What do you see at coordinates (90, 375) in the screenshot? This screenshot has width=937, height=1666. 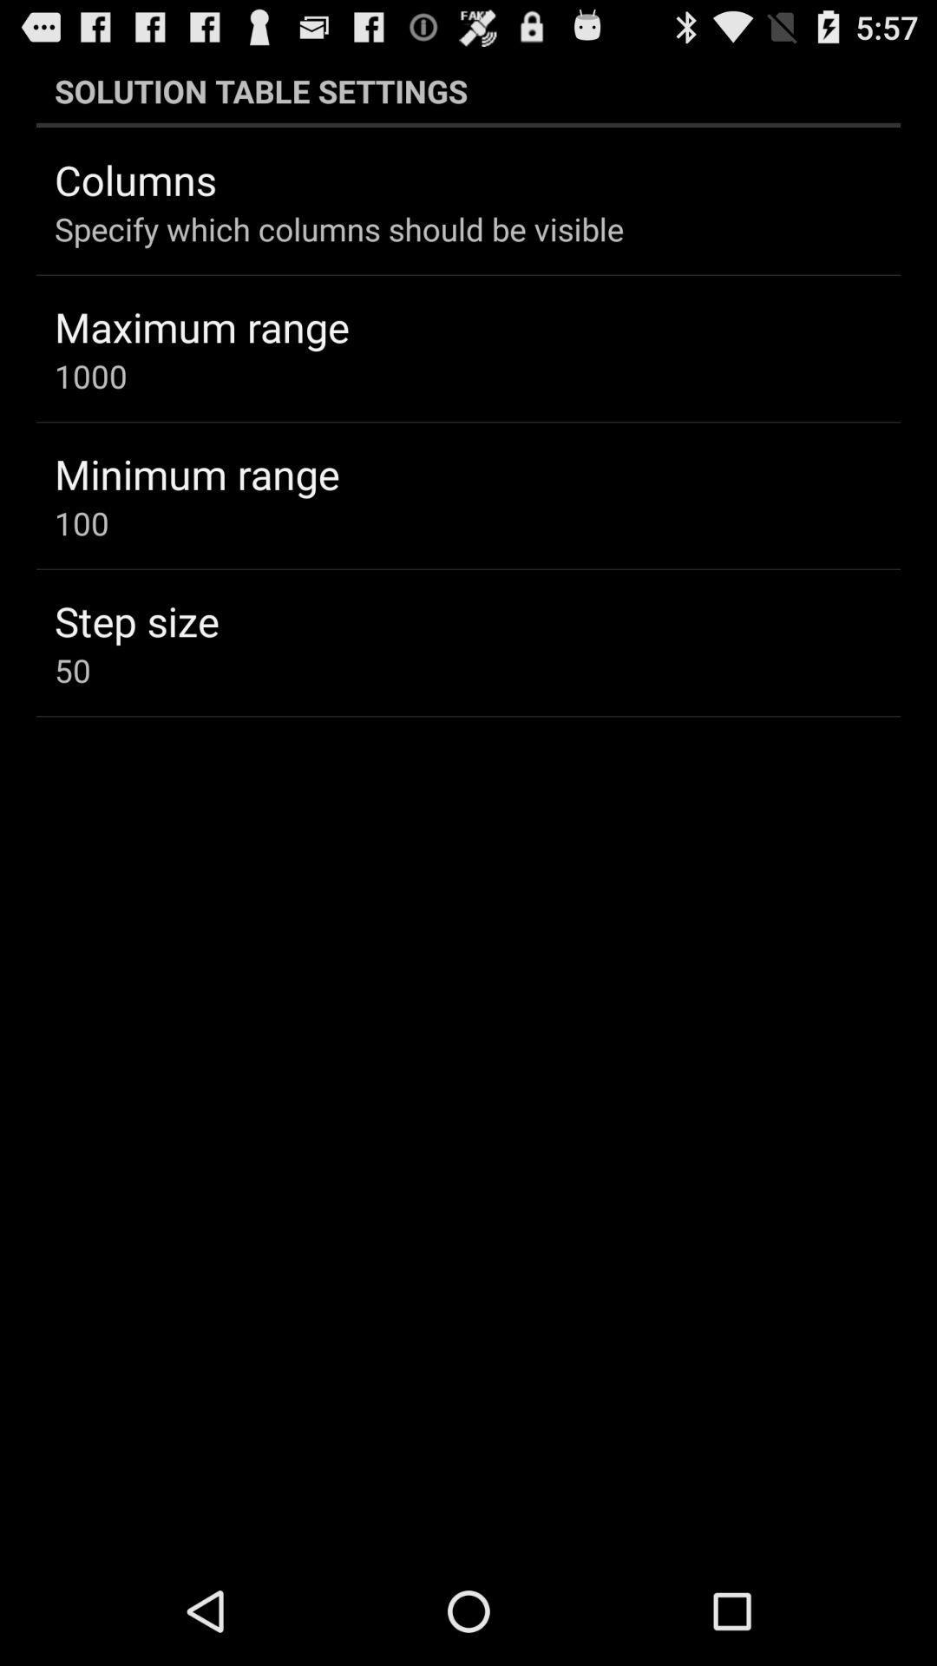 I see `the app below the maximum range icon` at bounding box center [90, 375].